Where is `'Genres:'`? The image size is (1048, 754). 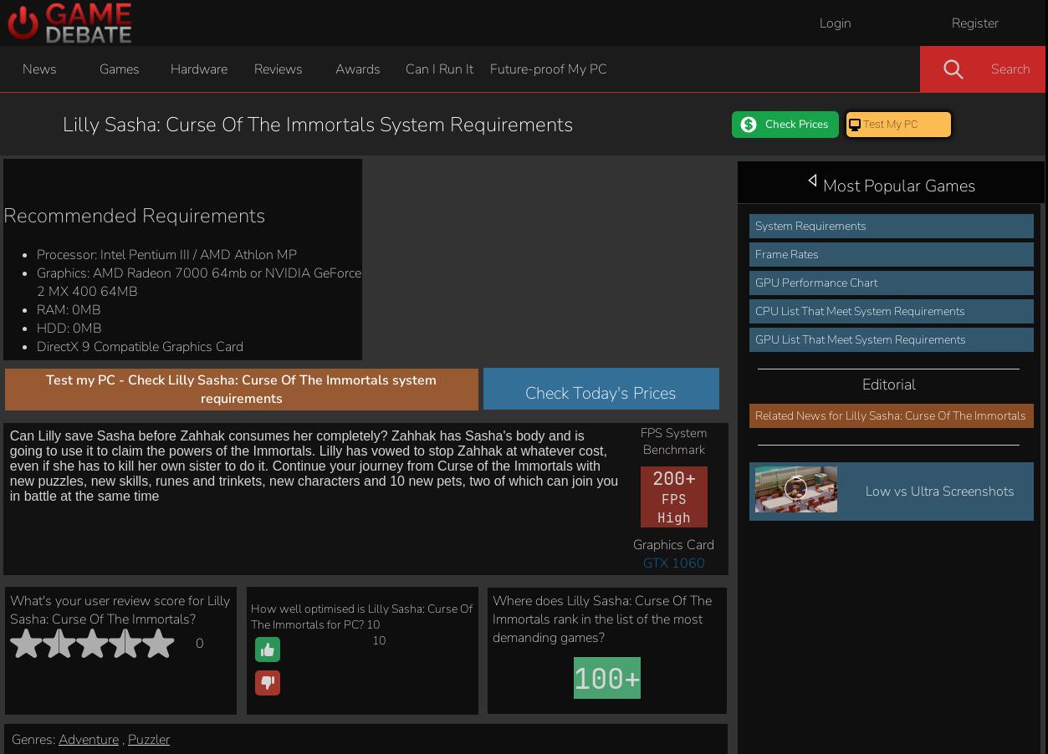 'Genres:' is located at coordinates (12, 161).